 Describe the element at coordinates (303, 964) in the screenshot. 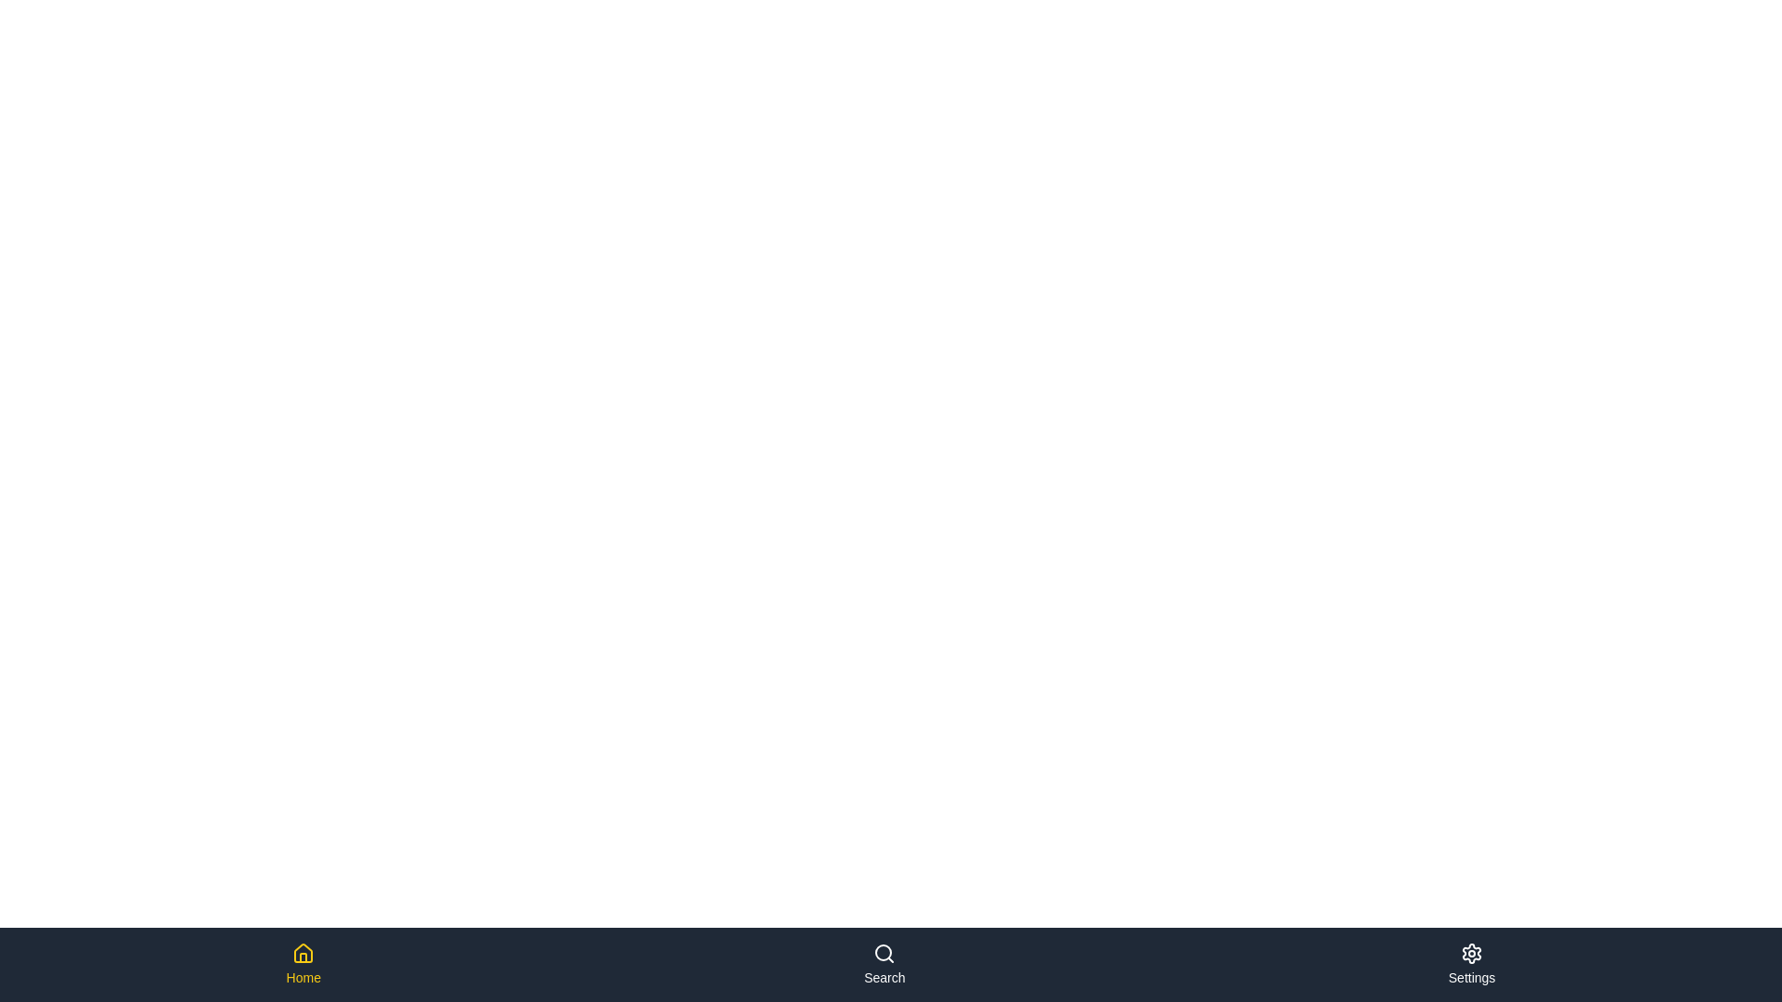

I see `the Home navigation item to observe the hover effect` at that location.